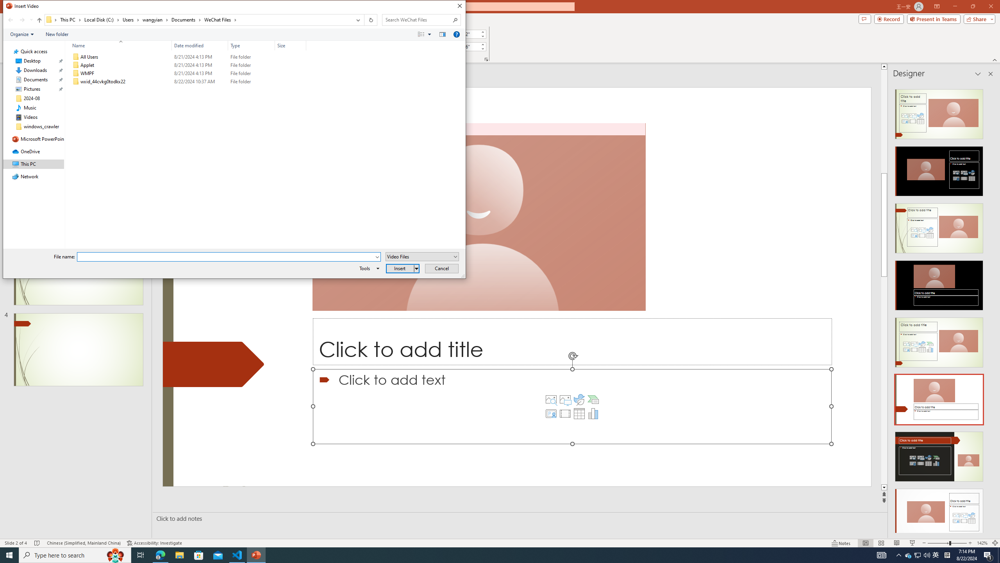  Describe the element at coordinates (290, 45) in the screenshot. I see `'Size'` at that location.